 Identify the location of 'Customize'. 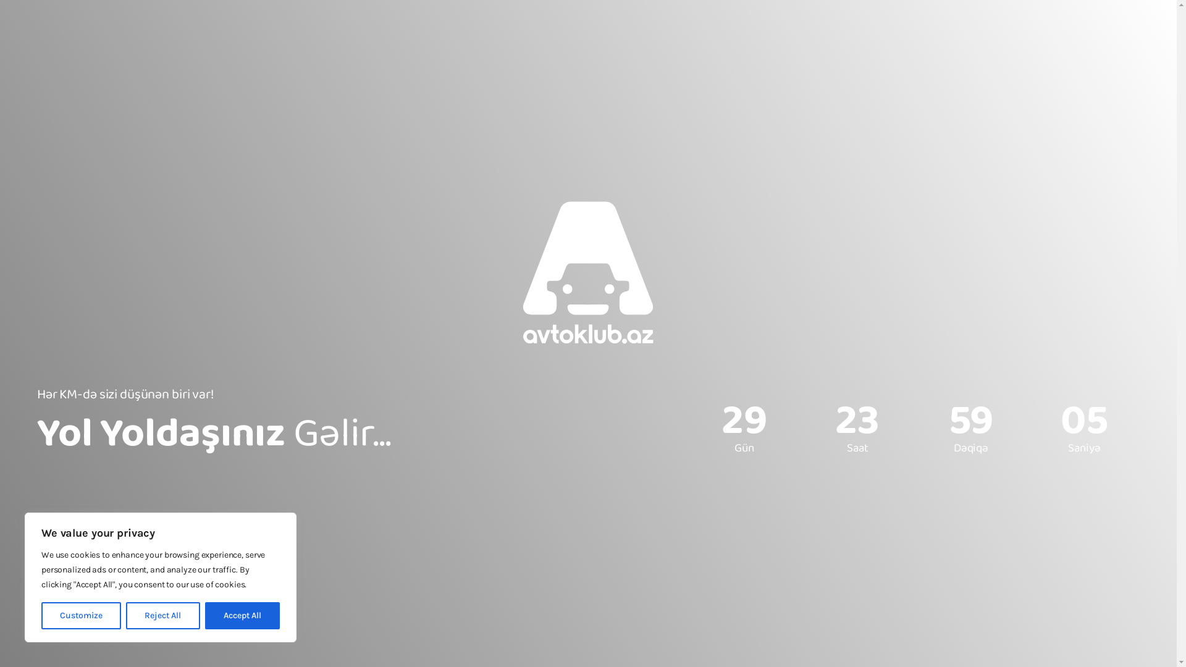
(80, 615).